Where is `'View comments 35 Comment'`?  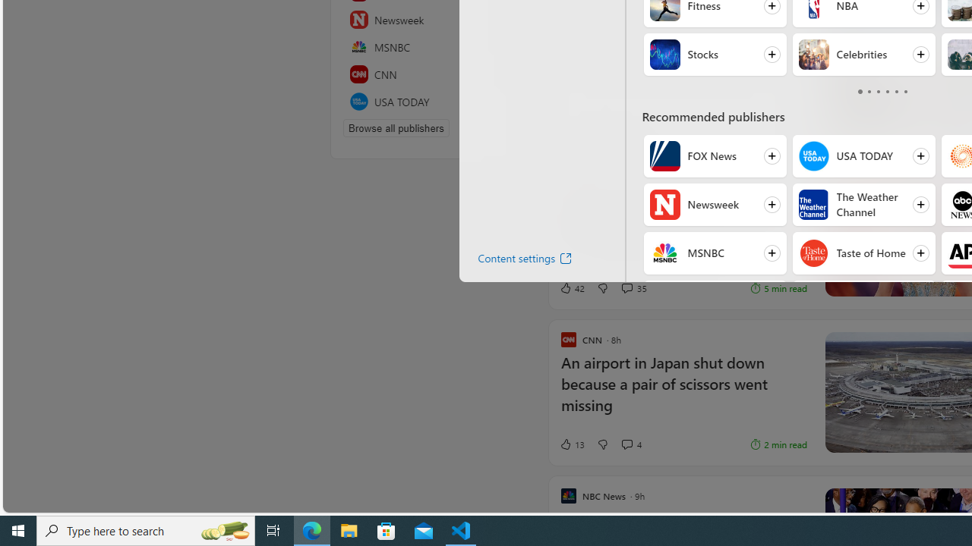 'View comments 35 Comment' is located at coordinates (633, 287).